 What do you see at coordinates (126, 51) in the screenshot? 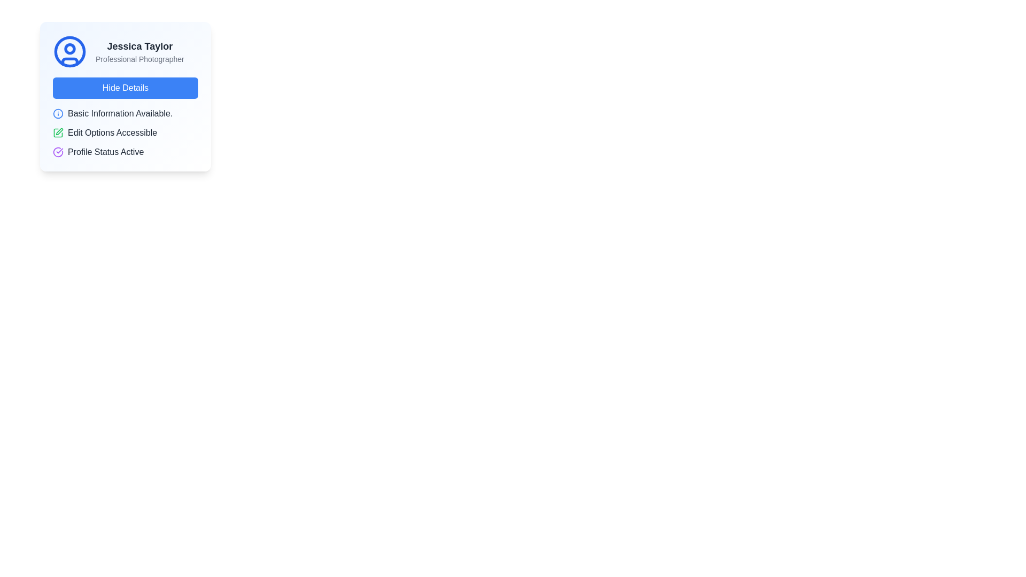
I see `the Informational Display (Profile Header) which features a circular user icon with a blue outline, the name 'Jessica Taylor' in bold large text, and the title 'Professional Photographer' below it` at bounding box center [126, 51].